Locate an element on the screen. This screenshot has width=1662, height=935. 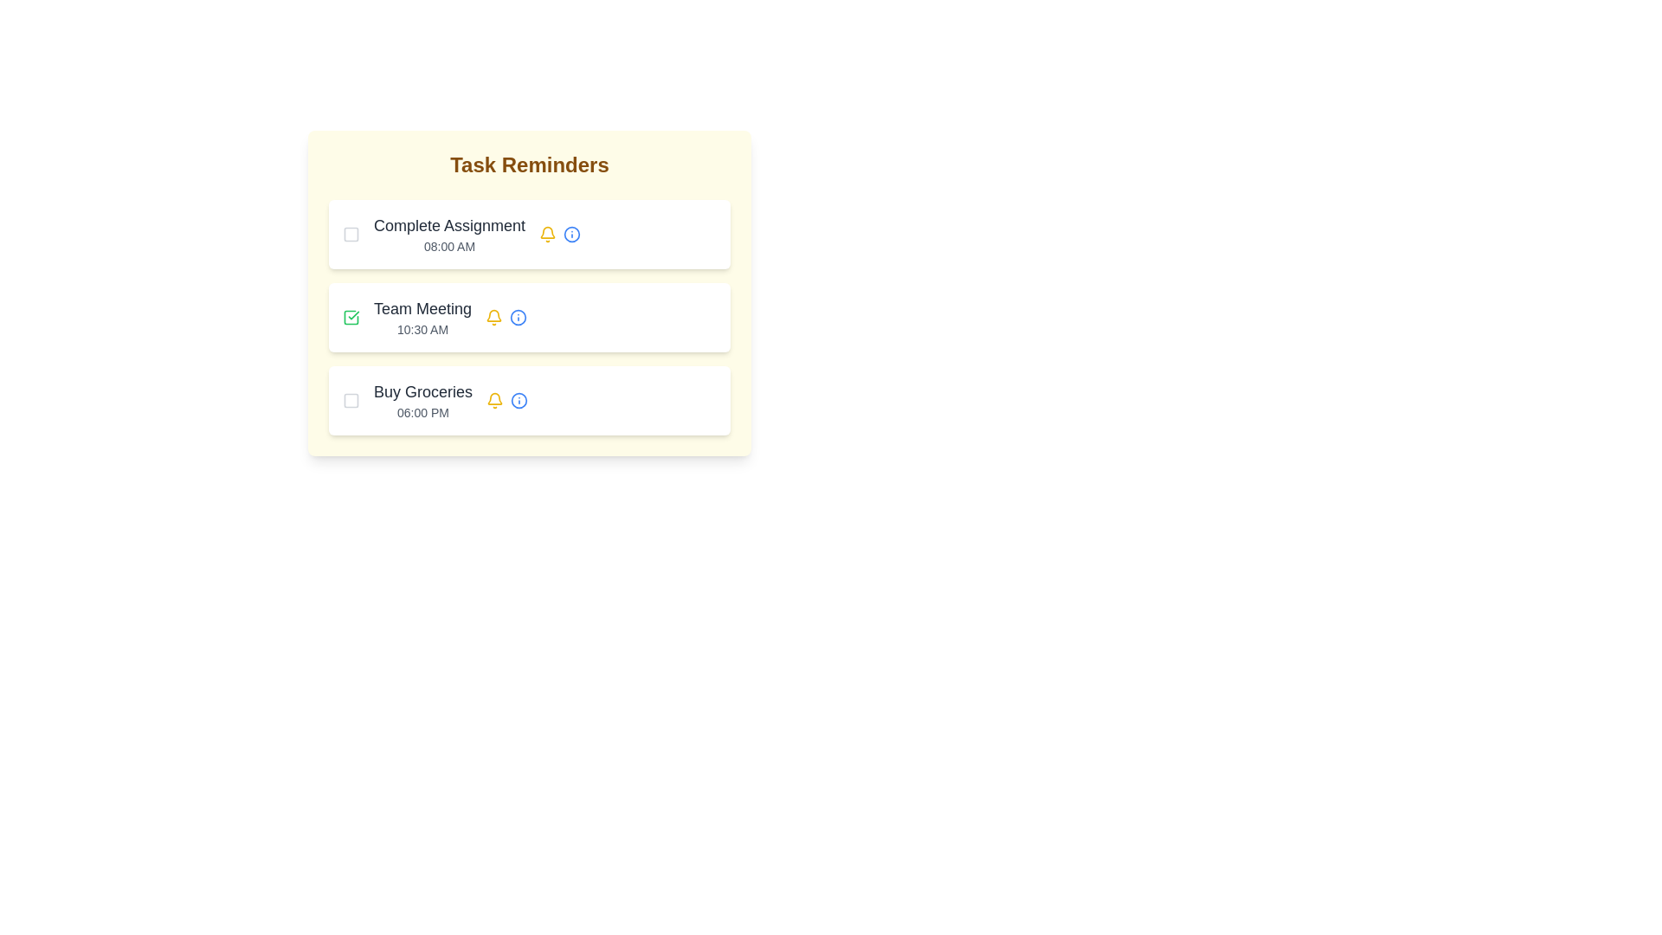
the bell icon is located at coordinates (493, 317).